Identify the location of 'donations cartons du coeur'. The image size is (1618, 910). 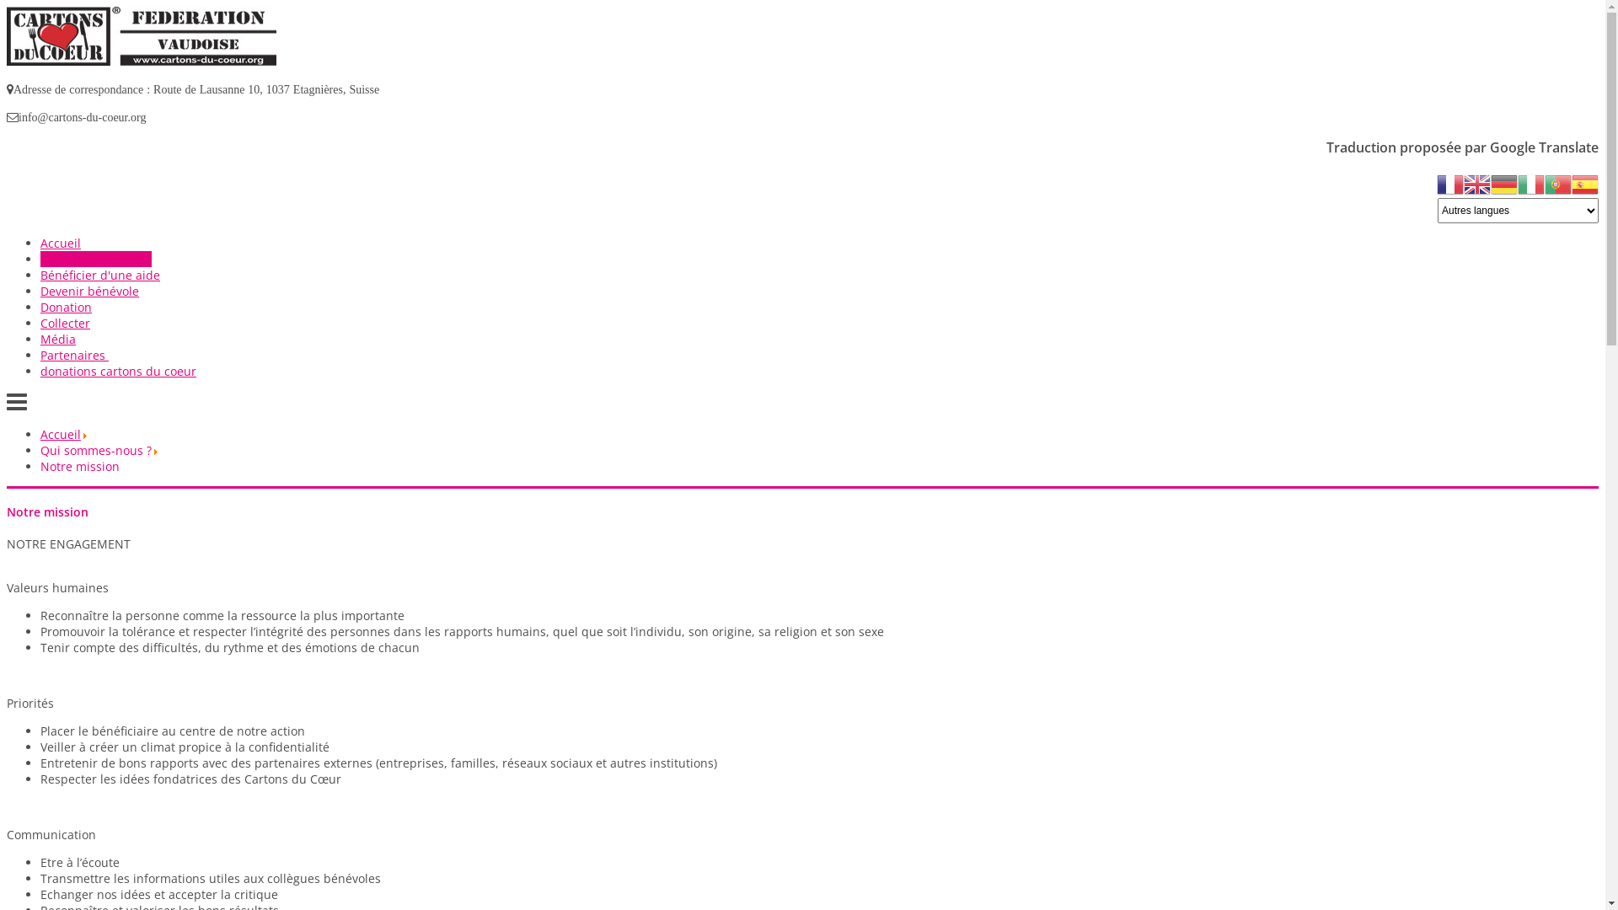
(117, 370).